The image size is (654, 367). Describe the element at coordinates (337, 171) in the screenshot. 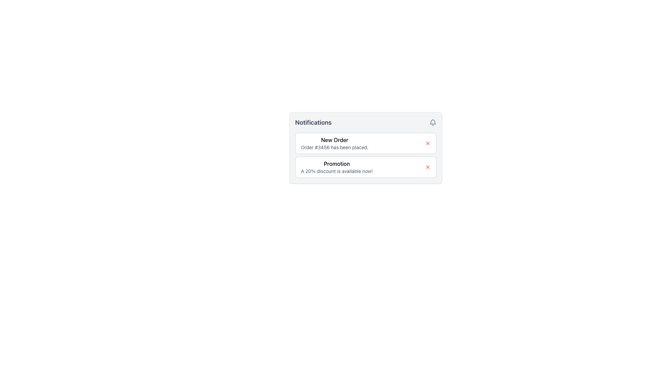

I see `text element that provides additional information about the 20% discount, located to the middle-right of the notification section, following the text 'Promotion'` at that location.